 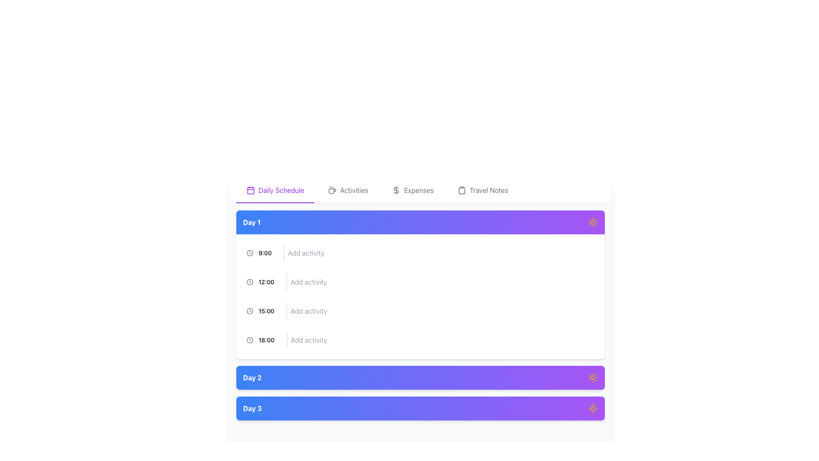 What do you see at coordinates (420, 311) in the screenshot?
I see `the time slot at 15:00` at bounding box center [420, 311].